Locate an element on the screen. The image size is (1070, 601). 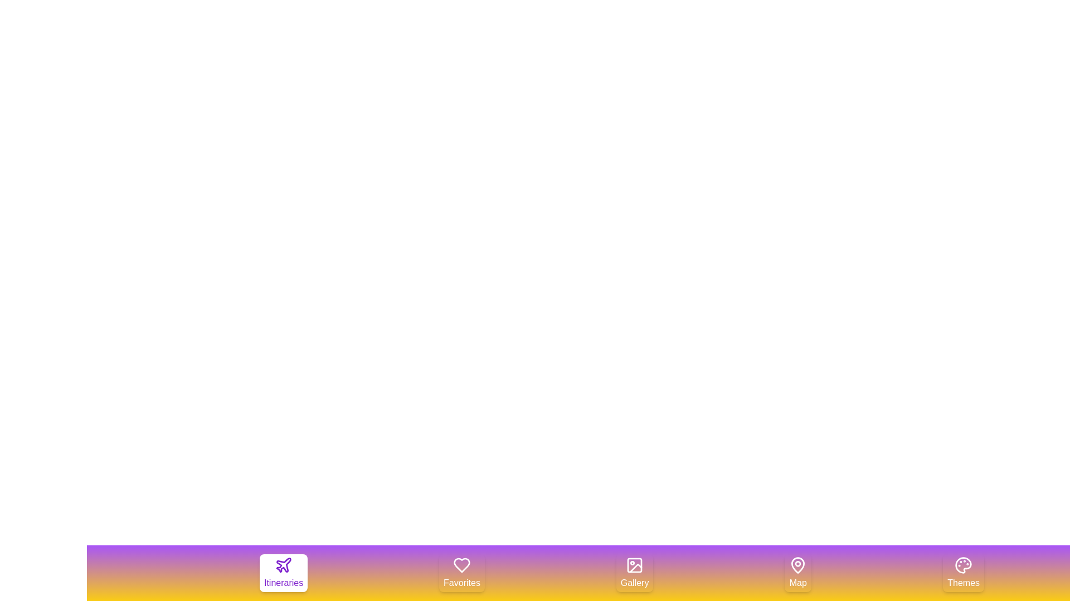
the tab labeled Gallery is located at coordinates (635, 573).